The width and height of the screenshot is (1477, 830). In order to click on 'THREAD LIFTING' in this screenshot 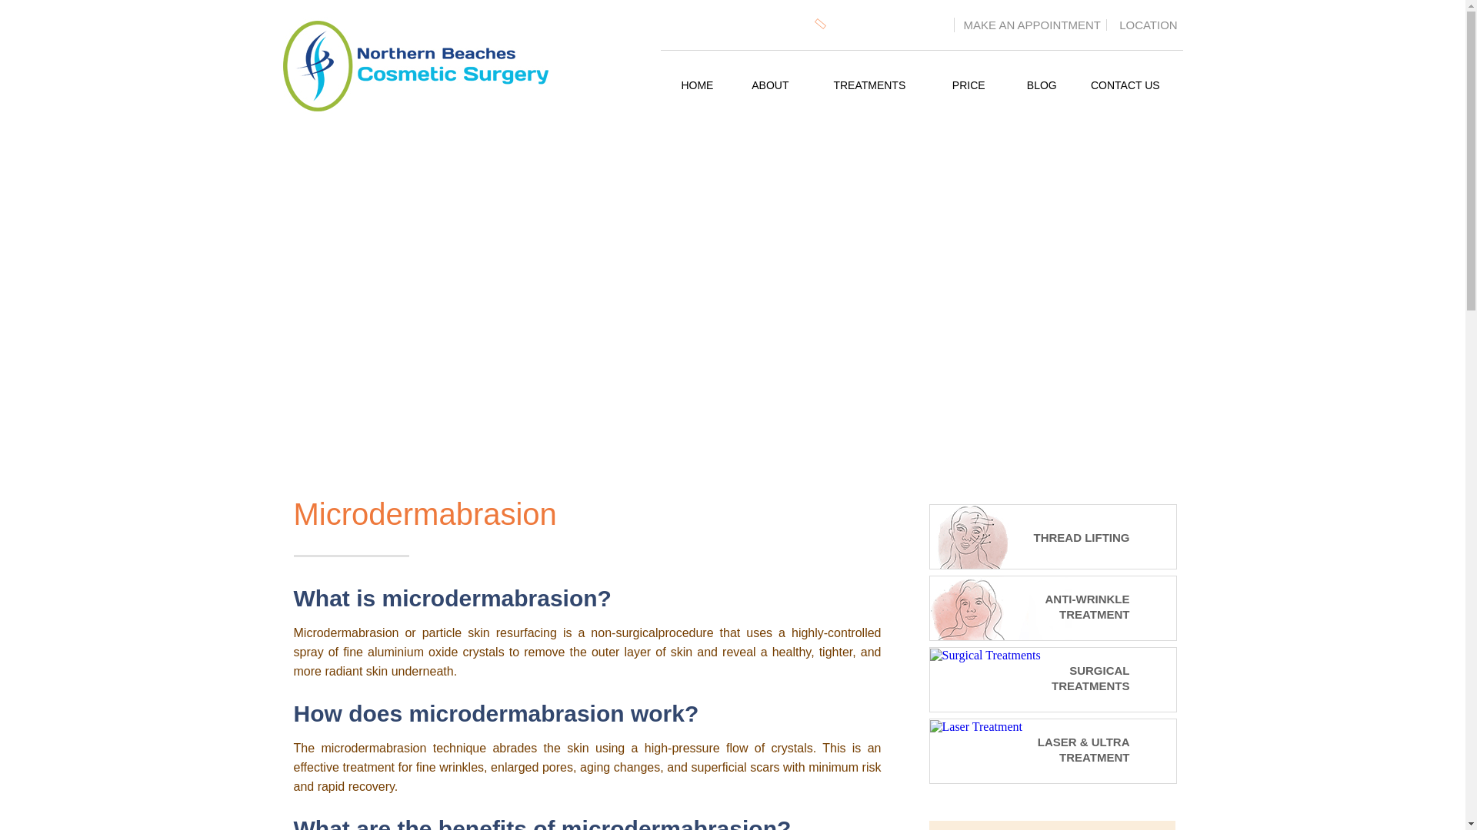, I will do `click(1030, 534)`.